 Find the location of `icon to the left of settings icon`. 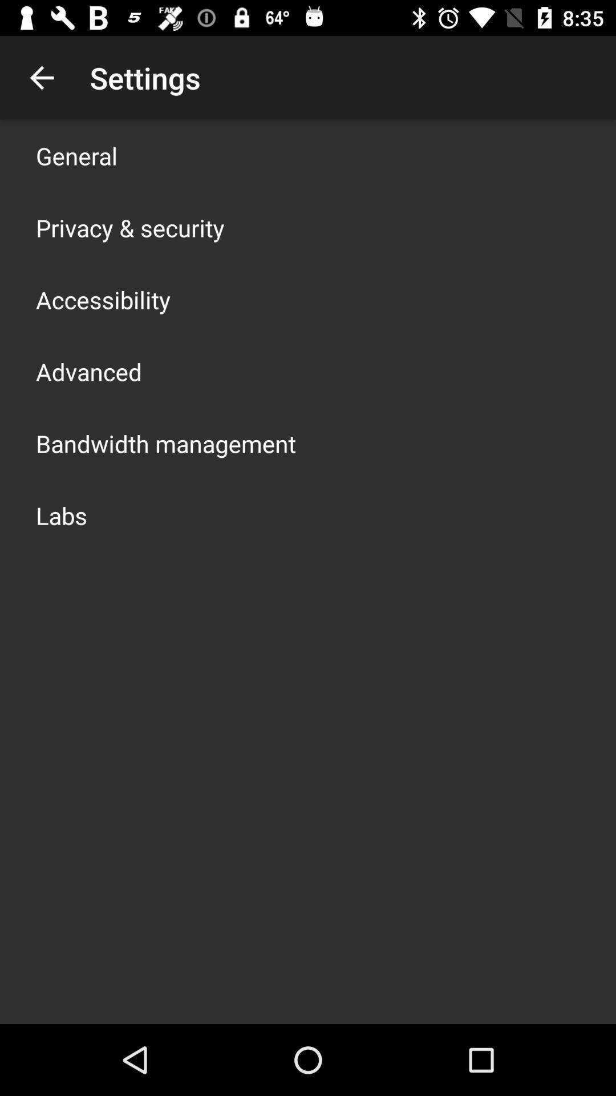

icon to the left of settings icon is located at coordinates (41, 77).